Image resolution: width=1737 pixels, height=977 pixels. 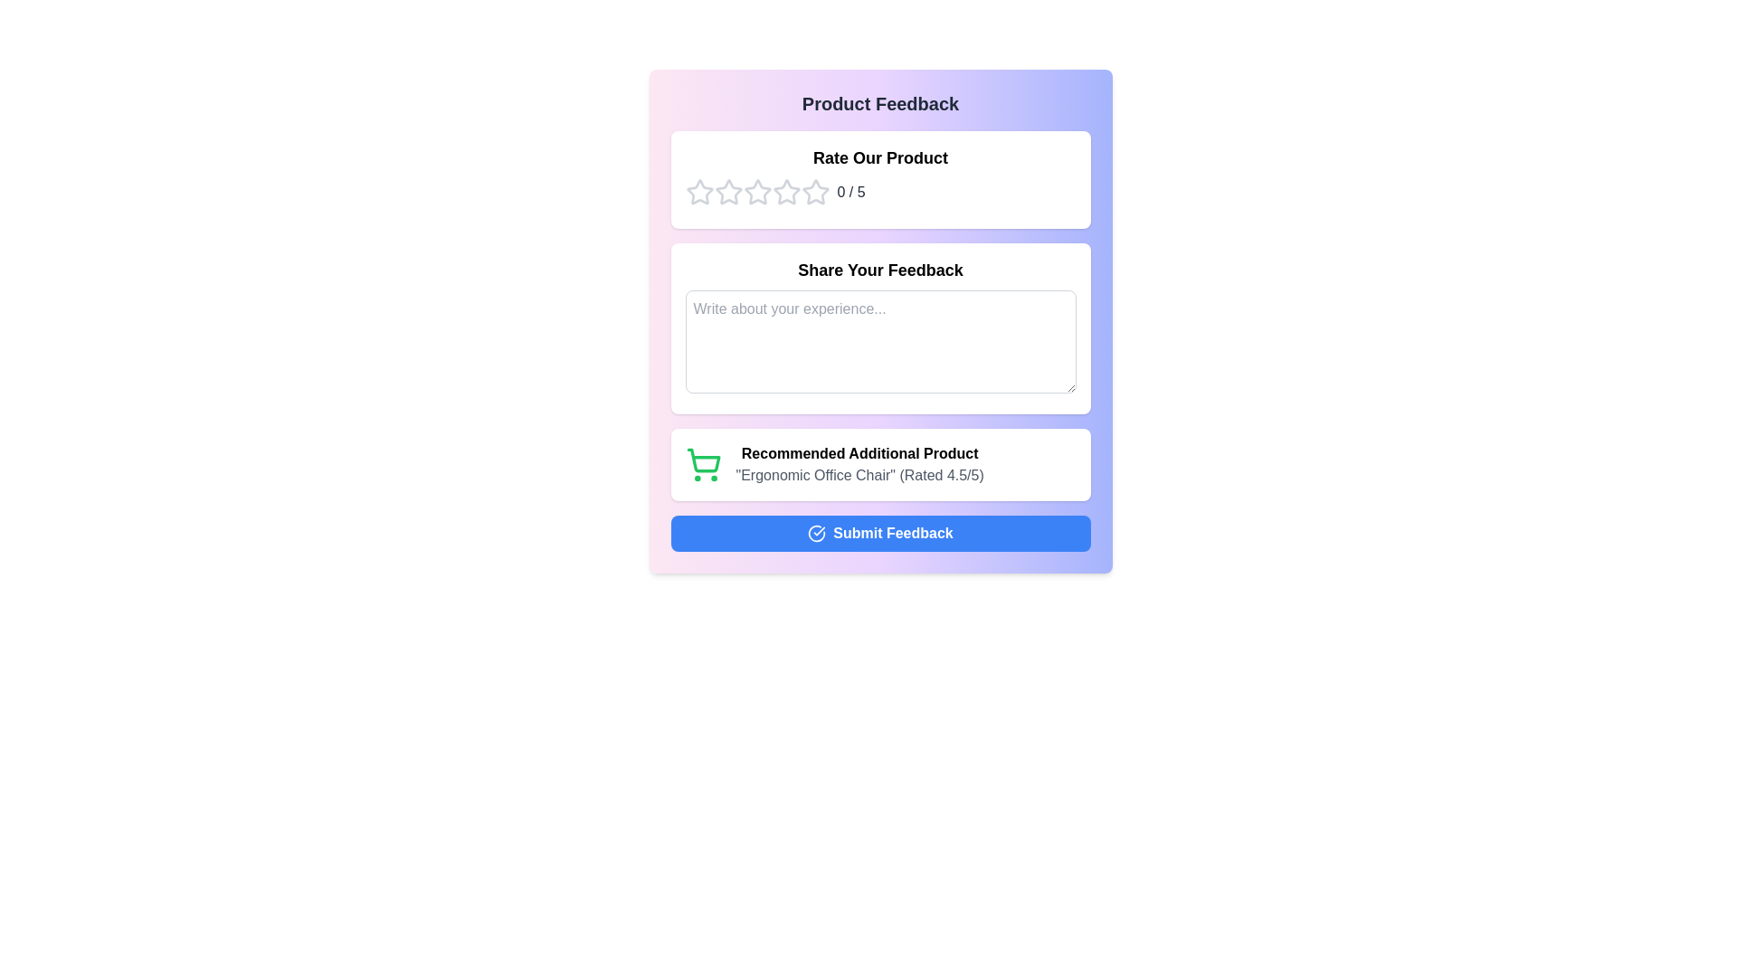 What do you see at coordinates (728, 192) in the screenshot?
I see `the first star icon in the rating system under the heading 'Rate Our Product'` at bounding box center [728, 192].